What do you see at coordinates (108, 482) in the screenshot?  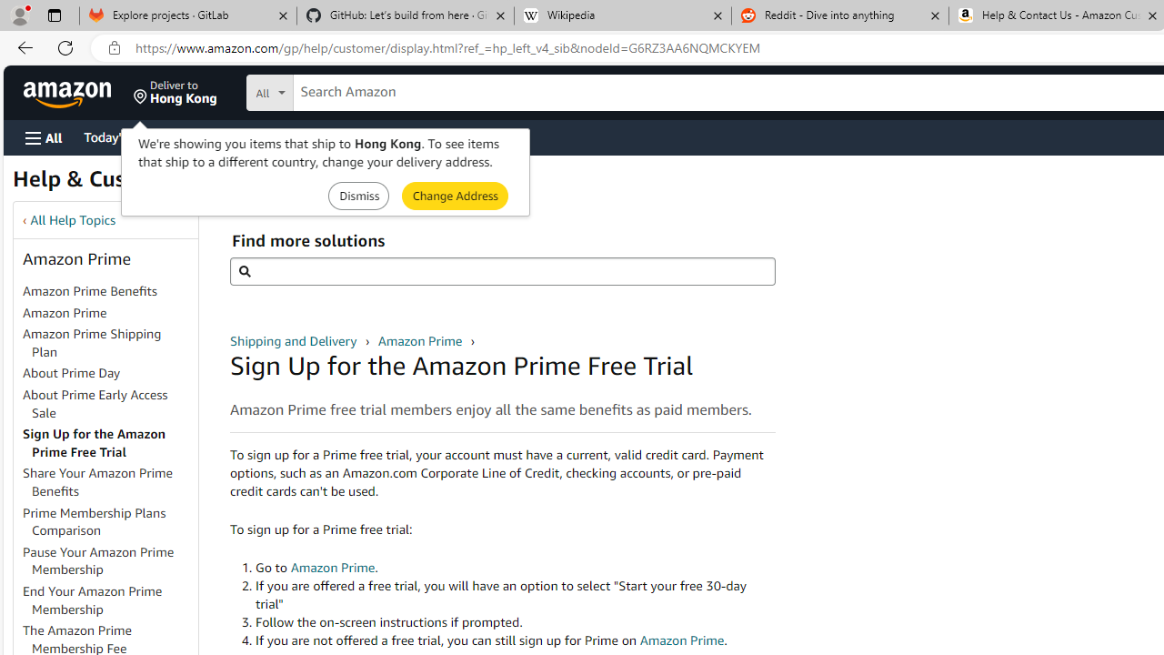 I see `'Share Your Amazon Prime Benefits'` at bounding box center [108, 482].